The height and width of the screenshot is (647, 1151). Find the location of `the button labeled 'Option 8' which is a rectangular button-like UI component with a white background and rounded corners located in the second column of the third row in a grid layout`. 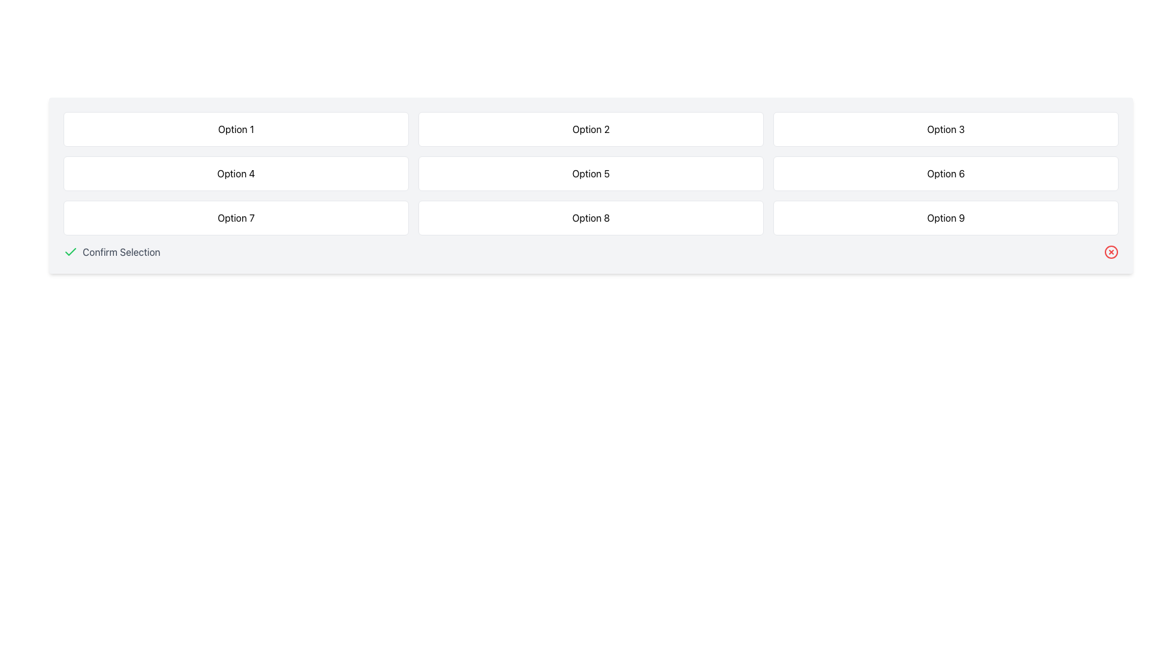

the button labeled 'Option 8' which is a rectangular button-like UI component with a white background and rounded corners located in the second column of the third row in a grid layout is located at coordinates (590, 217).